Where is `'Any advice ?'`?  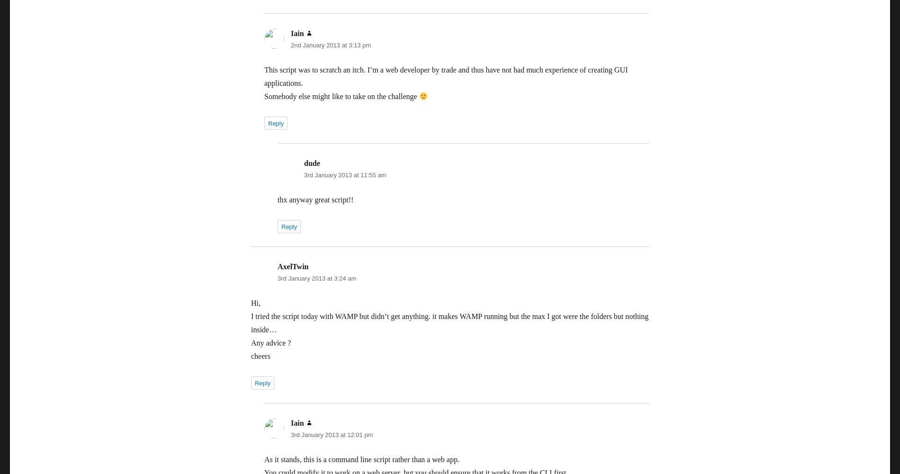 'Any advice ?' is located at coordinates (271, 342).